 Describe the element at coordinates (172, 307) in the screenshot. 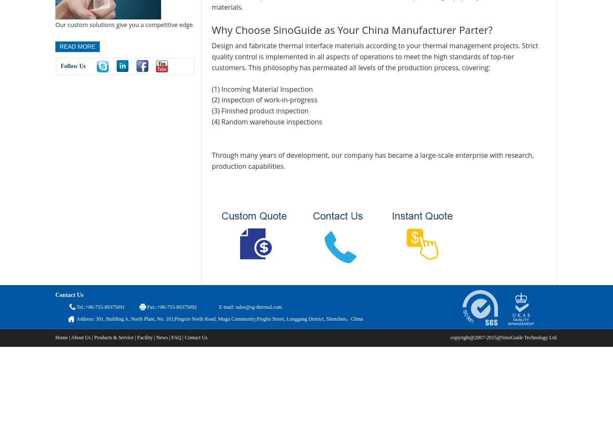

I see `'Fax.:+86-755-89375092'` at that location.